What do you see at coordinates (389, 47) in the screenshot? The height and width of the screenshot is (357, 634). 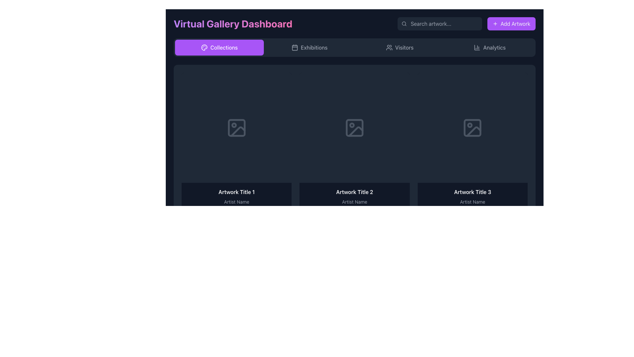 I see `the icon located in the 'Visitors' tab group on the top navigation bar` at bounding box center [389, 47].